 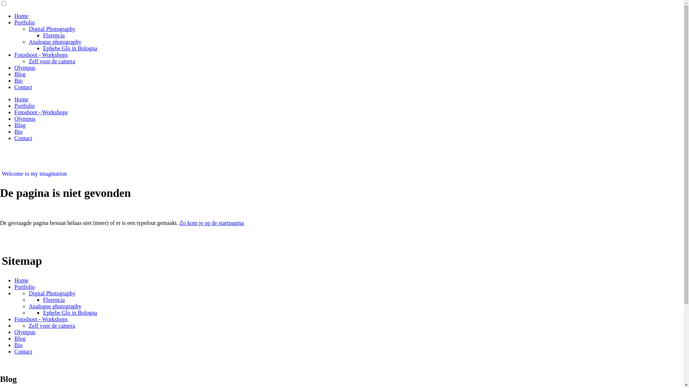 What do you see at coordinates (43, 35) in the screenshot?
I see `'Florencia'` at bounding box center [43, 35].